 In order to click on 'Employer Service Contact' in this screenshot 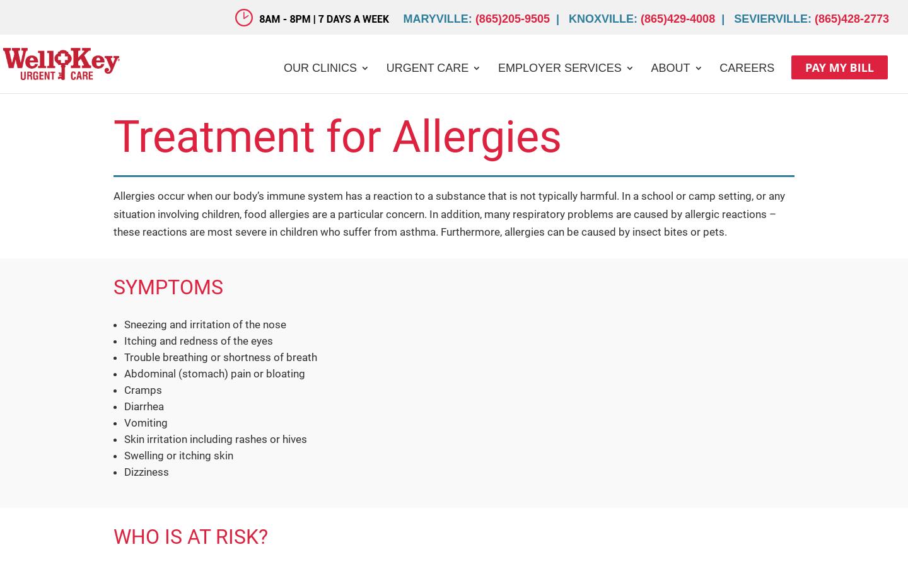, I will do `click(581, 171)`.